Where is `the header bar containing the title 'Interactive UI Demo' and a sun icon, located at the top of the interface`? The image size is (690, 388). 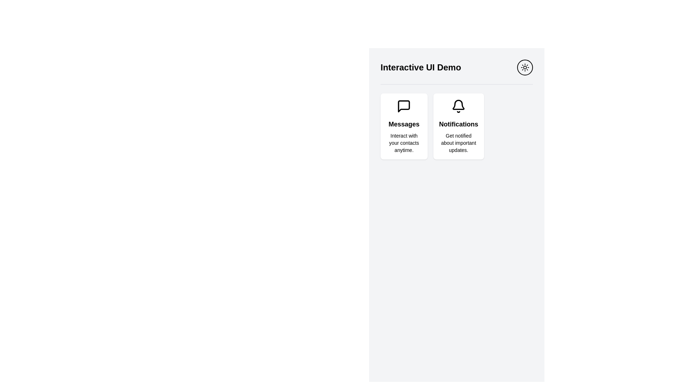
the header bar containing the title 'Interactive UI Demo' and a sun icon, located at the top of the interface is located at coordinates (456, 72).